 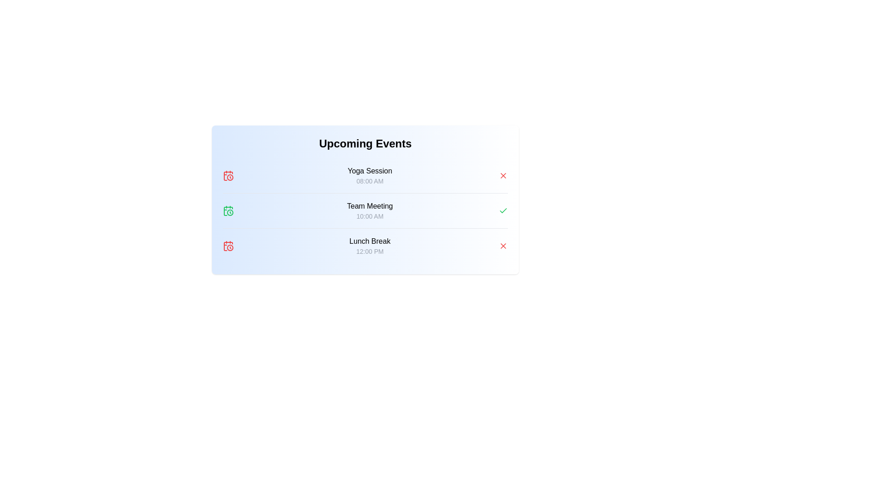 What do you see at coordinates (503, 176) in the screenshot?
I see `the delete button adjacent to the 'Yoga Session' text` at bounding box center [503, 176].